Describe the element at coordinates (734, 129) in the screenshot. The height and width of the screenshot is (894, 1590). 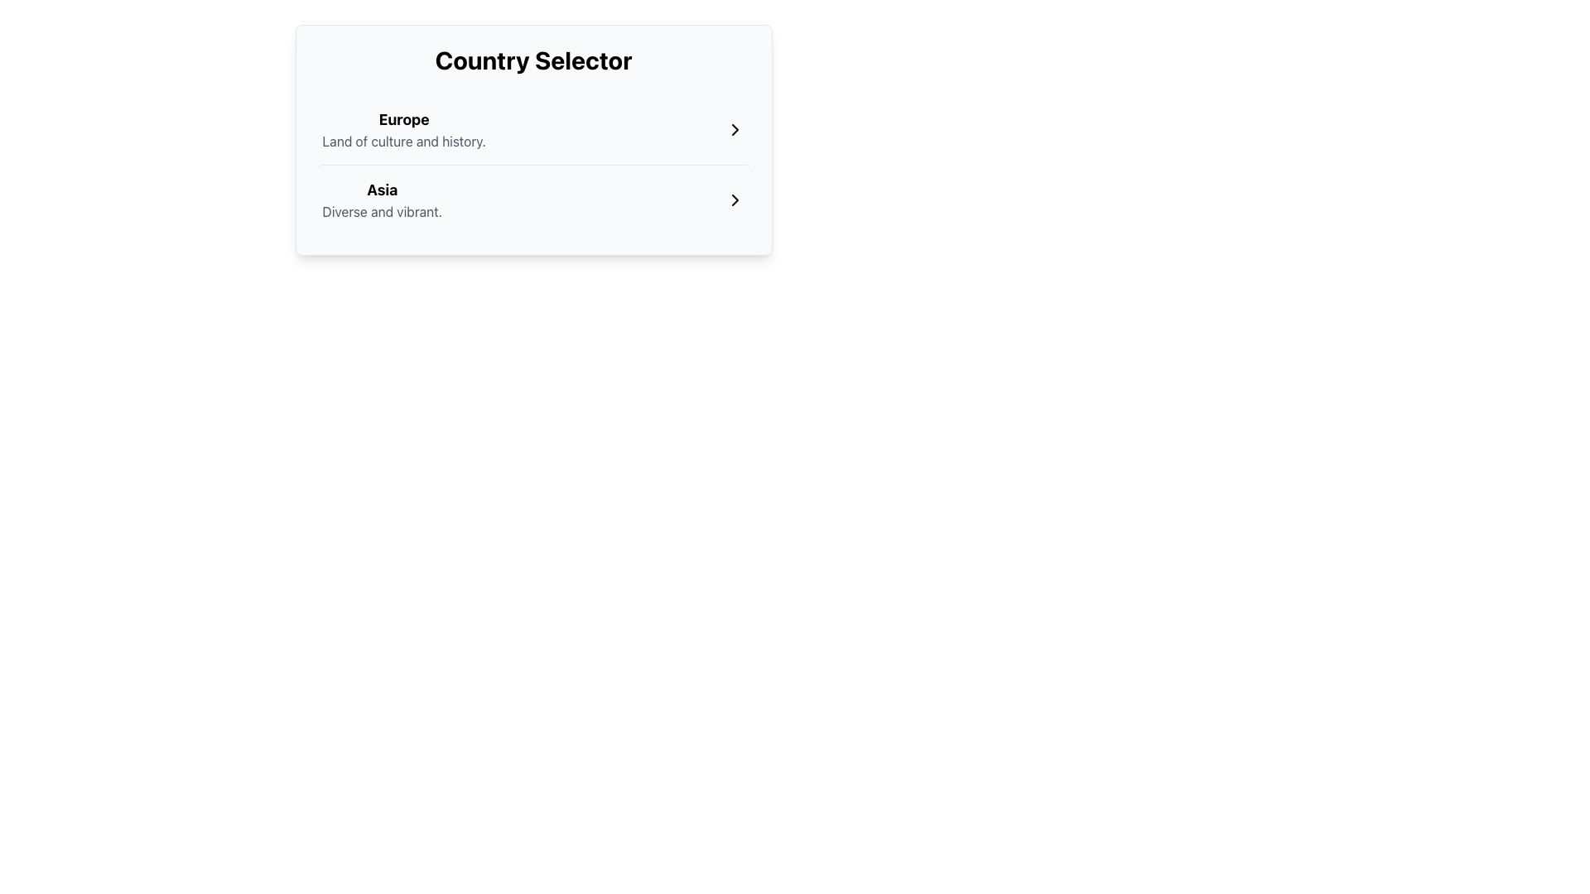
I see `the right-pointing chevron icon styled in a thin black line, located within a white background box` at that location.